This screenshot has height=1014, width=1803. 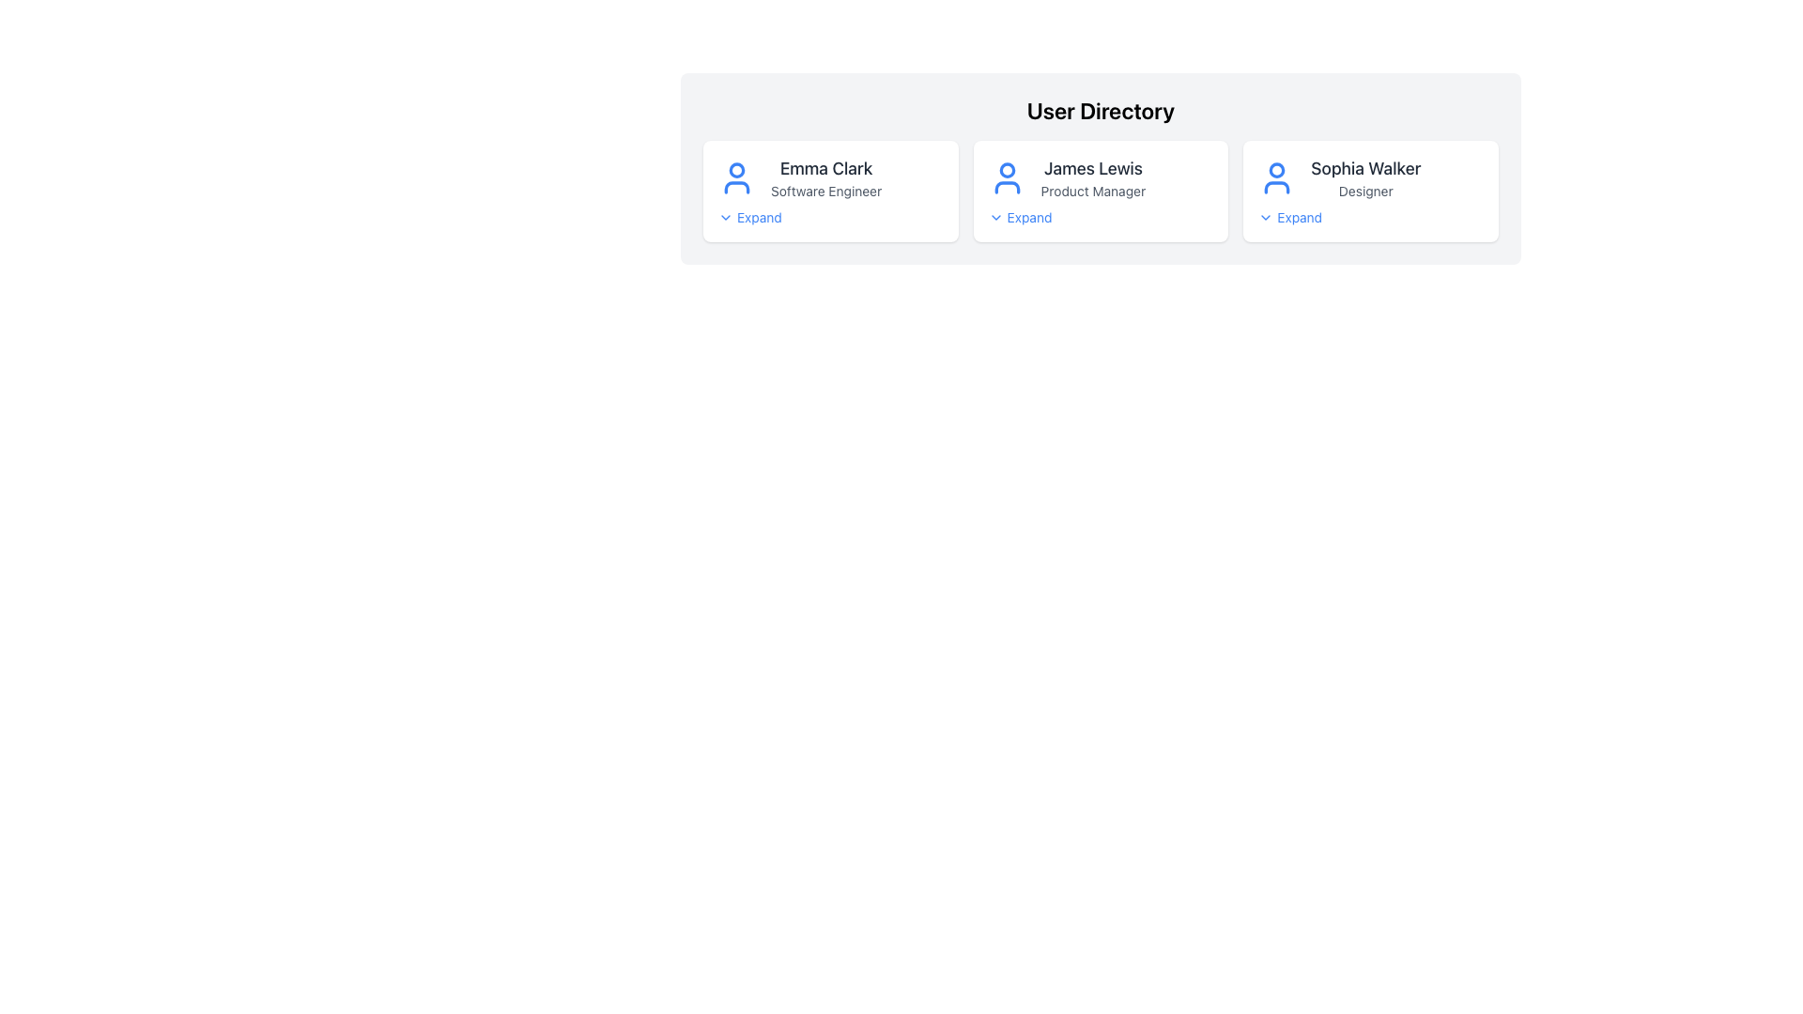 I want to click on the text label displaying 'Software Engineer' in gray color, which is positioned below the 'Emma Clark' heading in the upper-left profile card of the 'User Directory' section, so click(x=826, y=192).